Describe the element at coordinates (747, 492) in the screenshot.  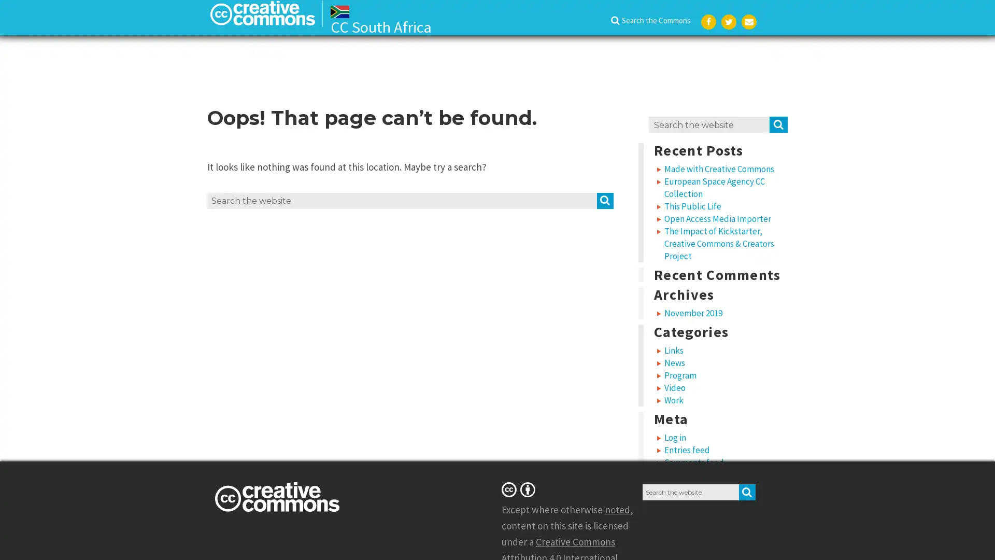
I see `SEARCH` at that location.